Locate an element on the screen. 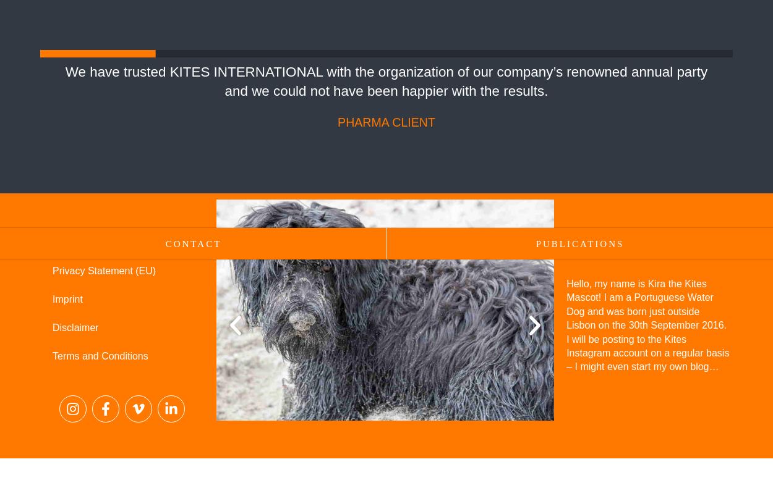  'Terms and Conditions' is located at coordinates (52, 355).